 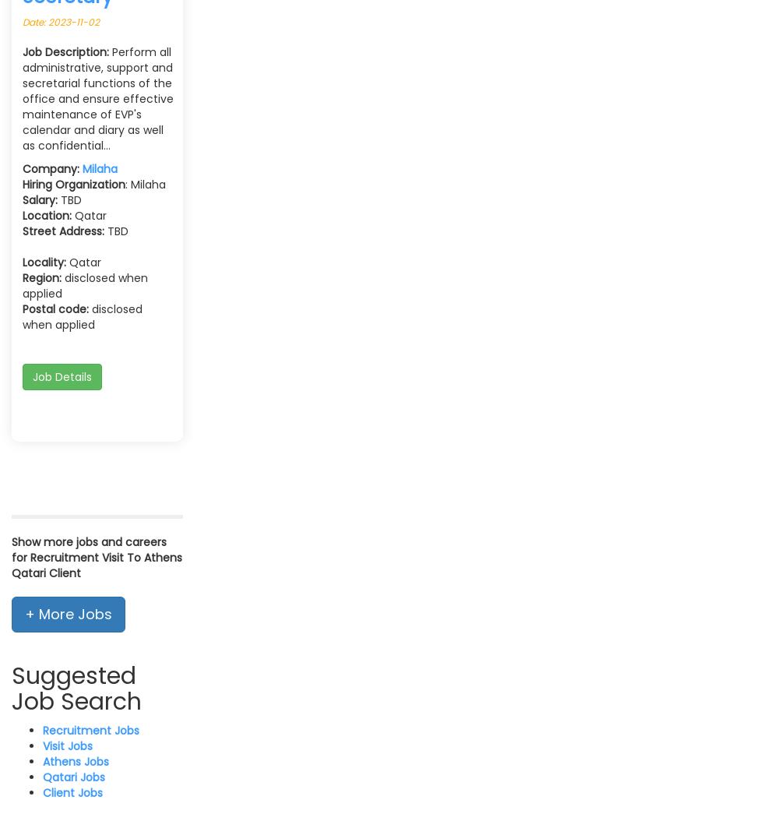 I want to click on 'Milaha', so click(x=99, y=167).